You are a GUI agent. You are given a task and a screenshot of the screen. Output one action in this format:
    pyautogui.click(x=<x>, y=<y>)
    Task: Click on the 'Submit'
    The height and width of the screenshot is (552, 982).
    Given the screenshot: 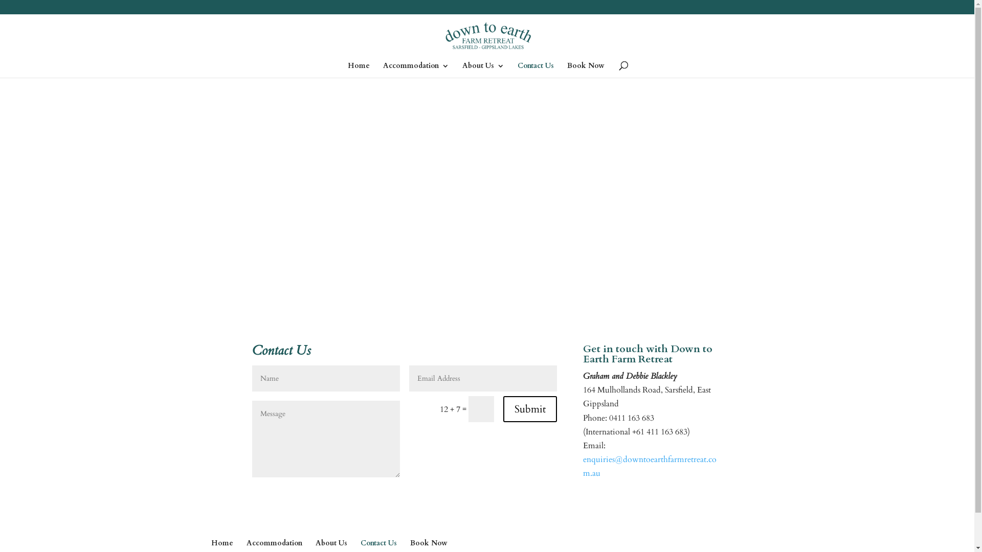 What is the action you would take?
    pyautogui.click(x=530, y=408)
    